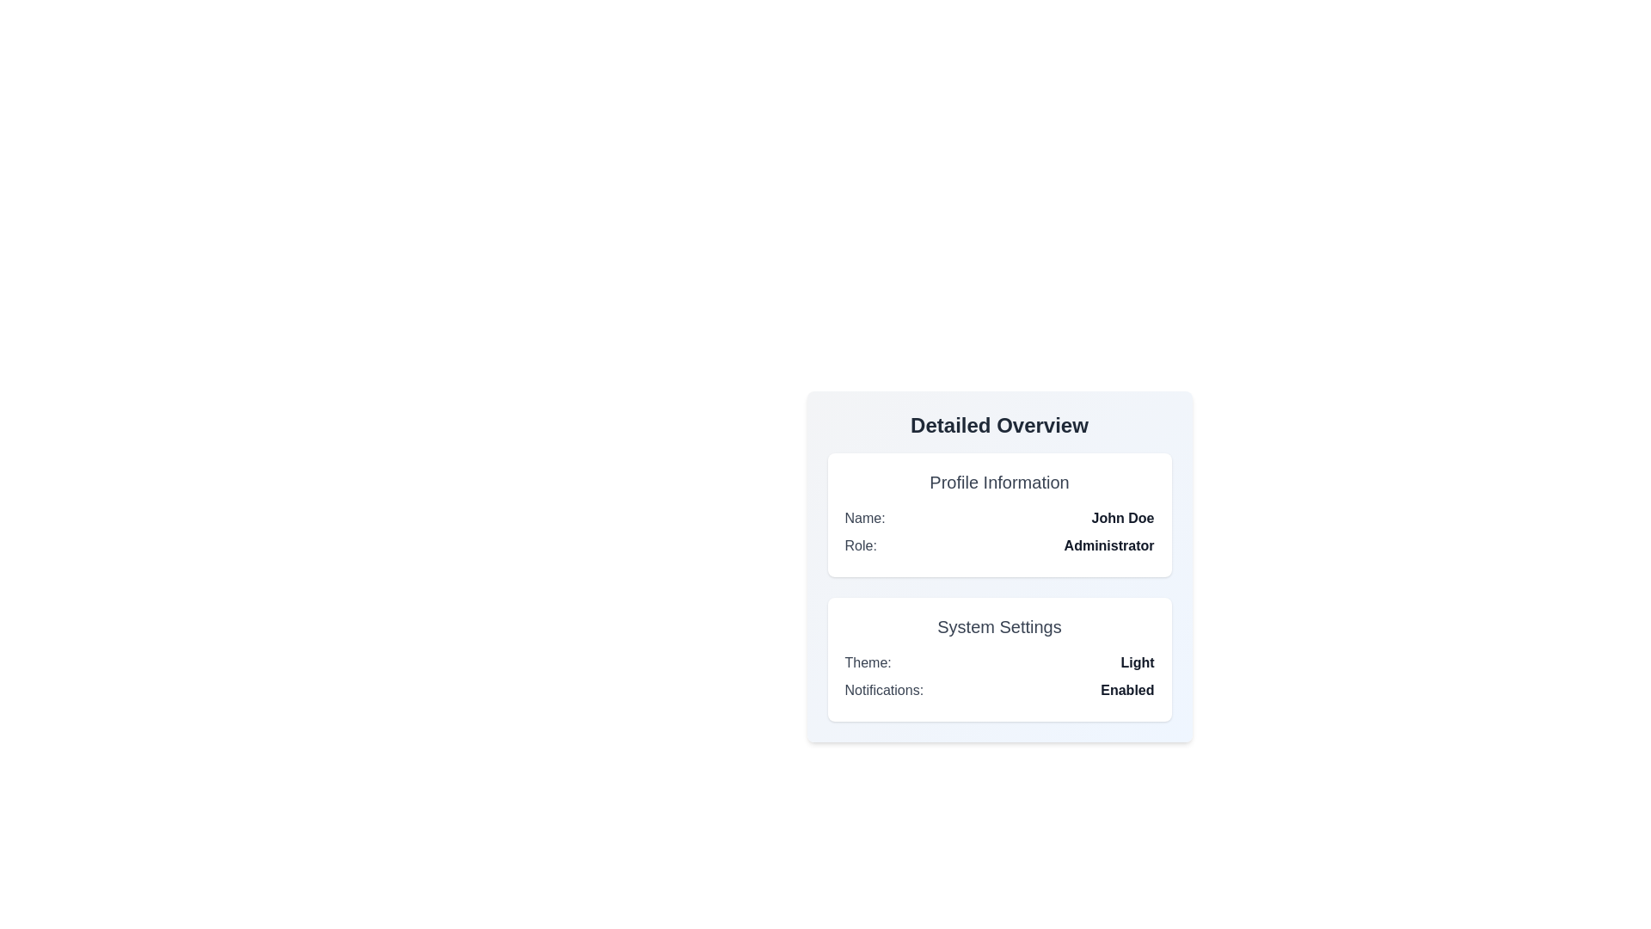  Describe the element at coordinates (1127, 689) in the screenshot. I see `the static text label displaying the current notification state, which shows 'Enabled', located under the 'System Settings' section next to 'Notifications:'` at that location.